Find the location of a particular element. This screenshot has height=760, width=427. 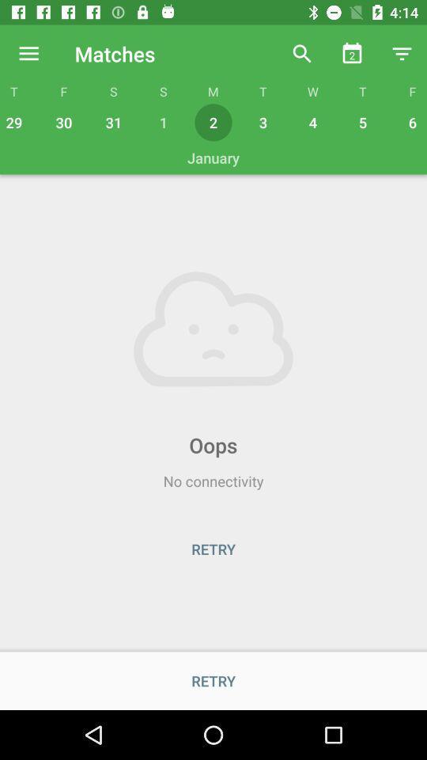

the 5 icon is located at coordinates (363, 121).